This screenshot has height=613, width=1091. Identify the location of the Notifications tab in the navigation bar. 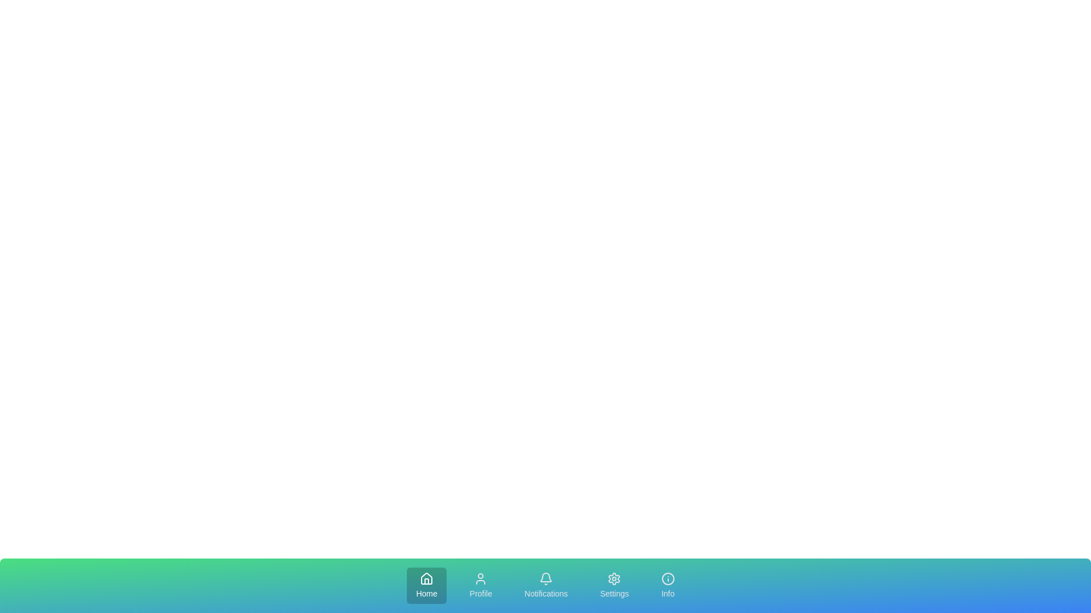
(545, 586).